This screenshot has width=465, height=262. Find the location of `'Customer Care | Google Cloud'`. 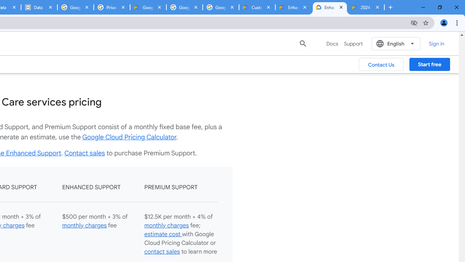

'Customer Care | Google Cloud' is located at coordinates (257, 7).